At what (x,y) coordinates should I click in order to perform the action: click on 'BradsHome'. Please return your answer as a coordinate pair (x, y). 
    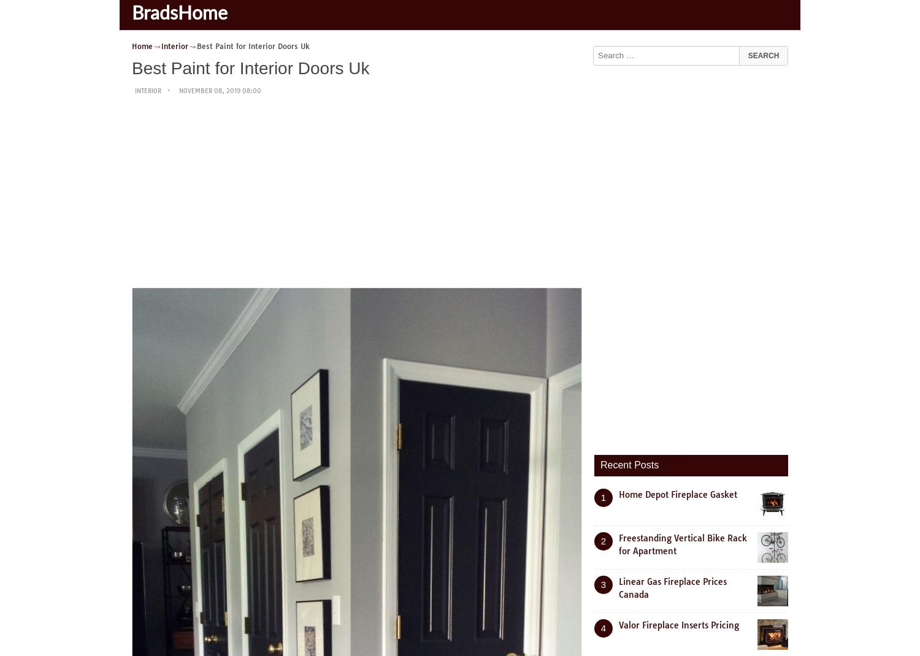
    Looking at the image, I should click on (179, 13).